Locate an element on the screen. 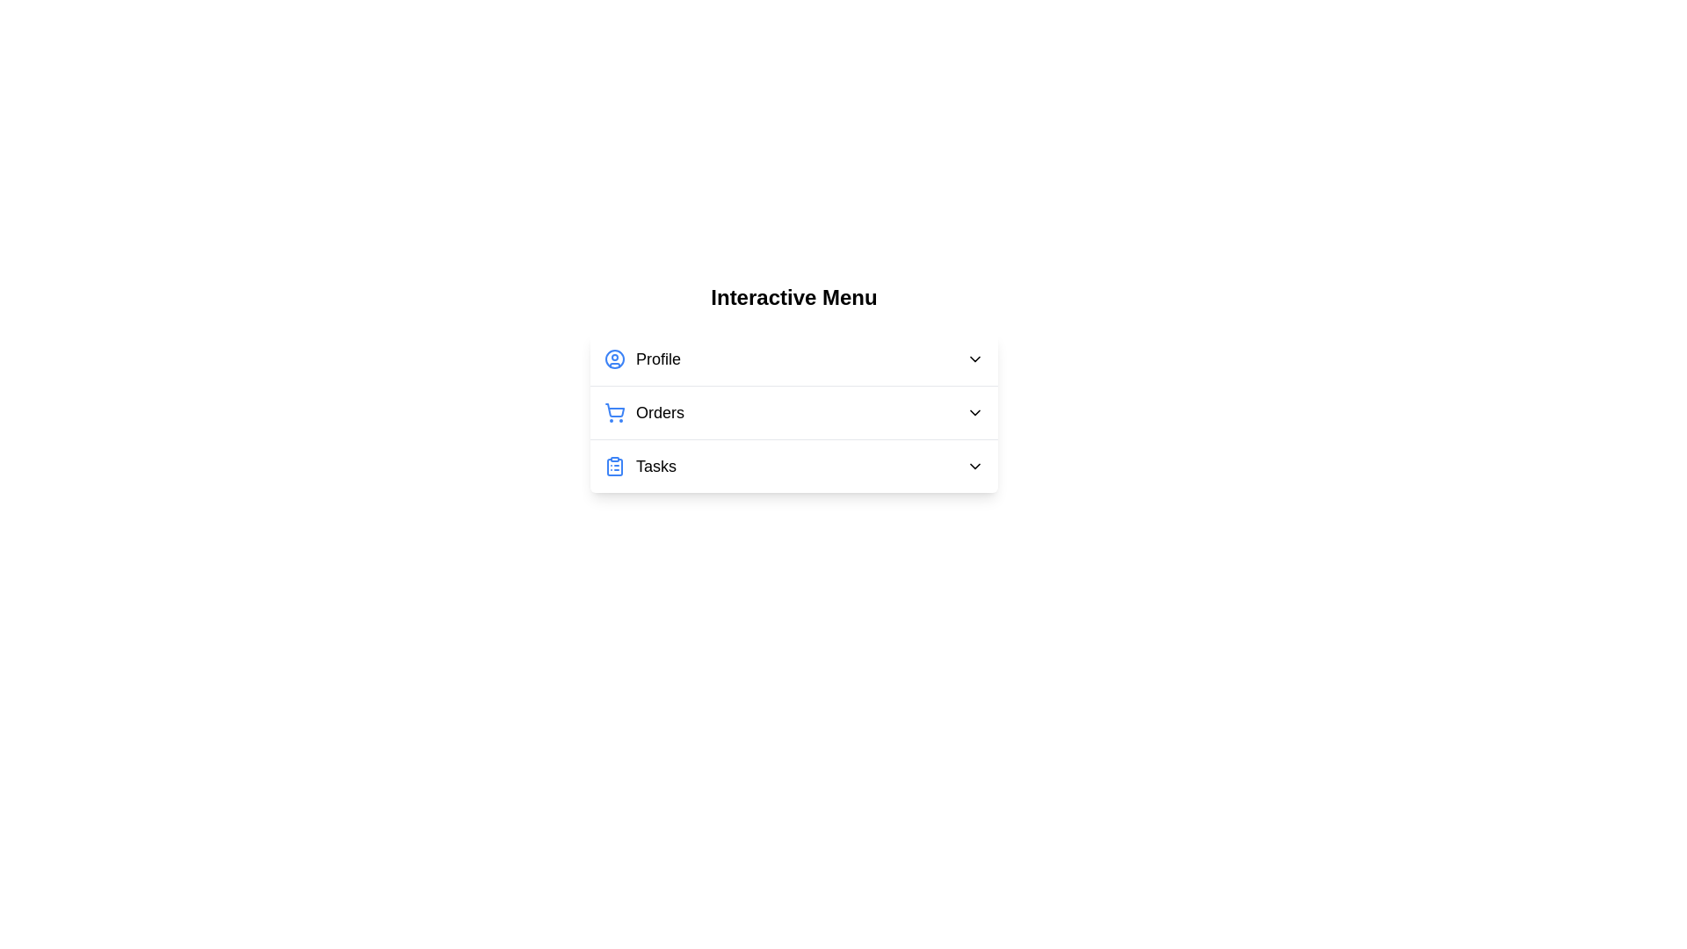  the shopping cart icon with a blue outline located in the second row of the interactive menu, adjacent to the 'Orders' text is located at coordinates (615, 409).